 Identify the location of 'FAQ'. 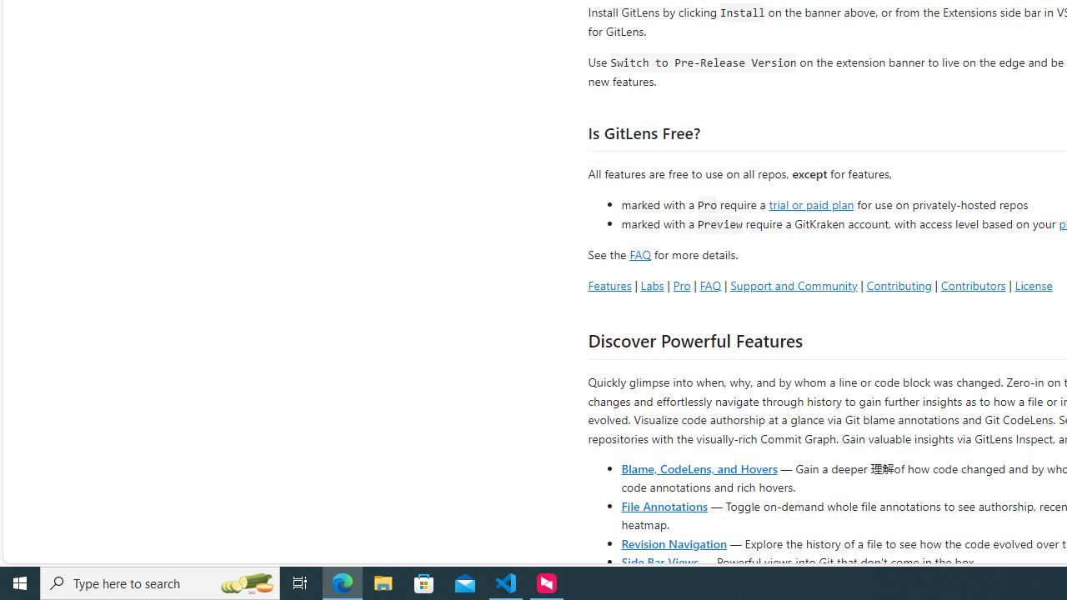
(710, 284).